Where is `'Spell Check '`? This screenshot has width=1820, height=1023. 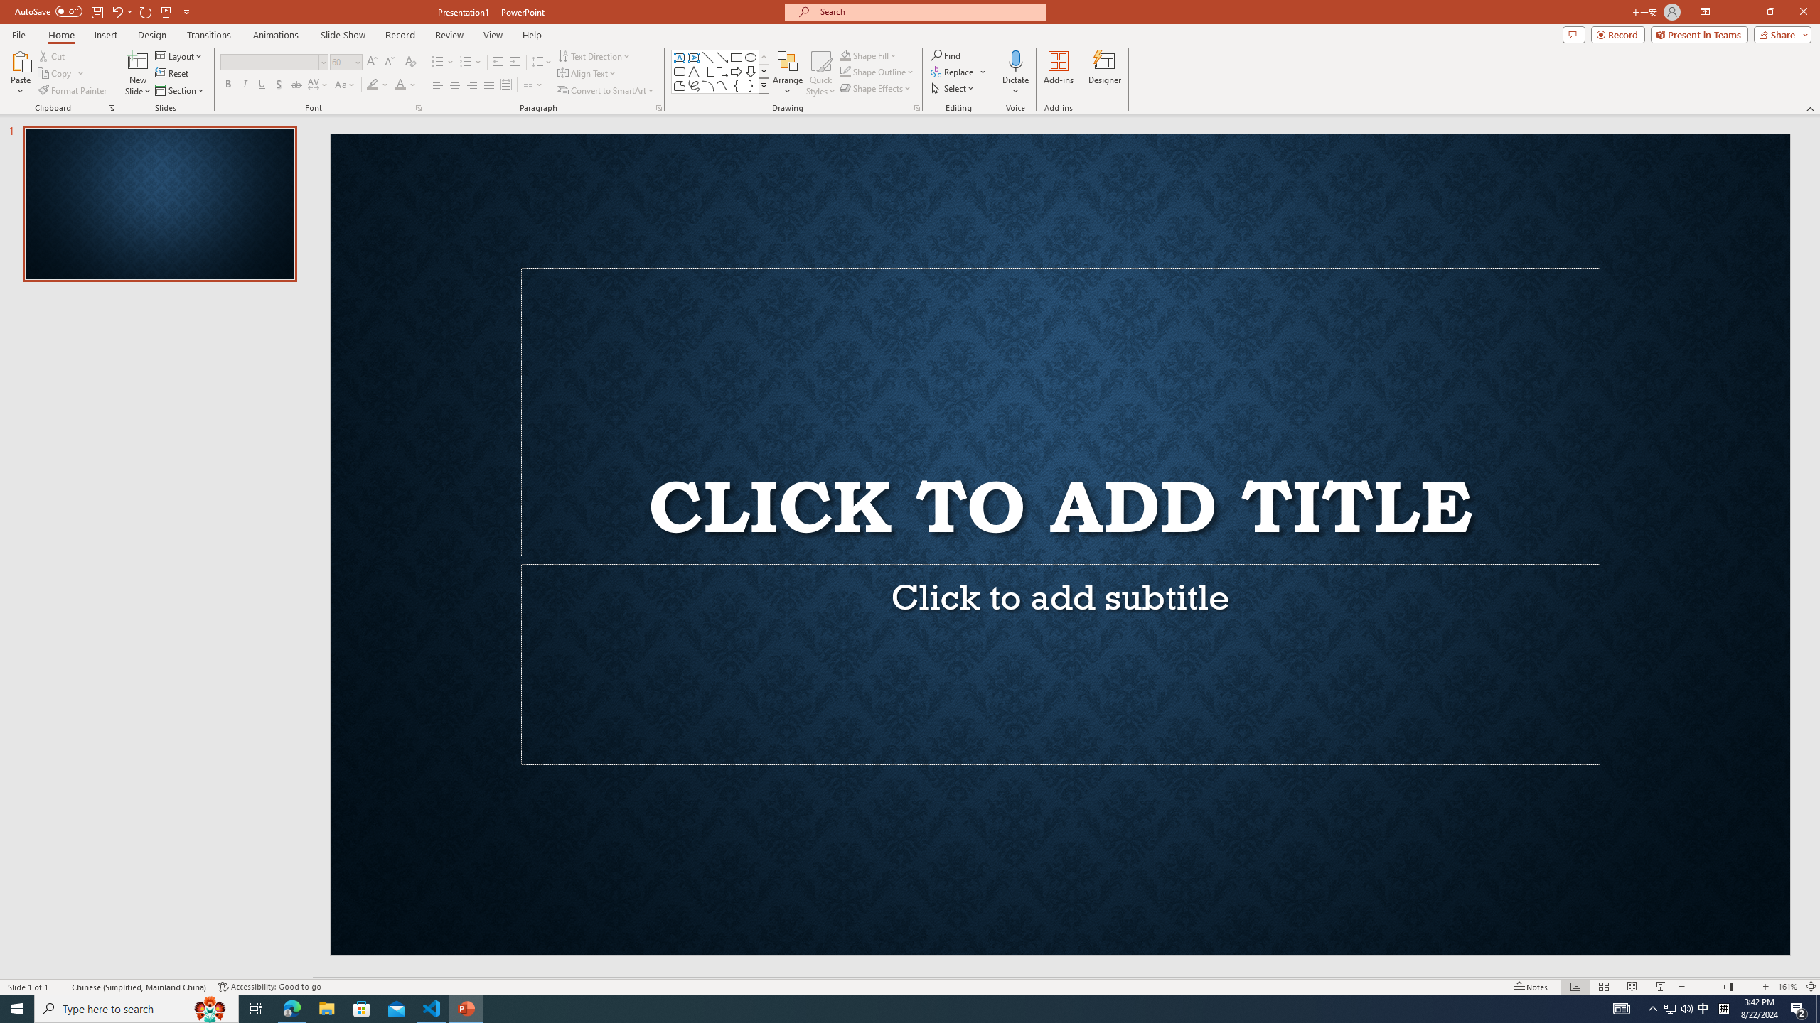 'Spell Check ' is located at coordinates (61, 987).